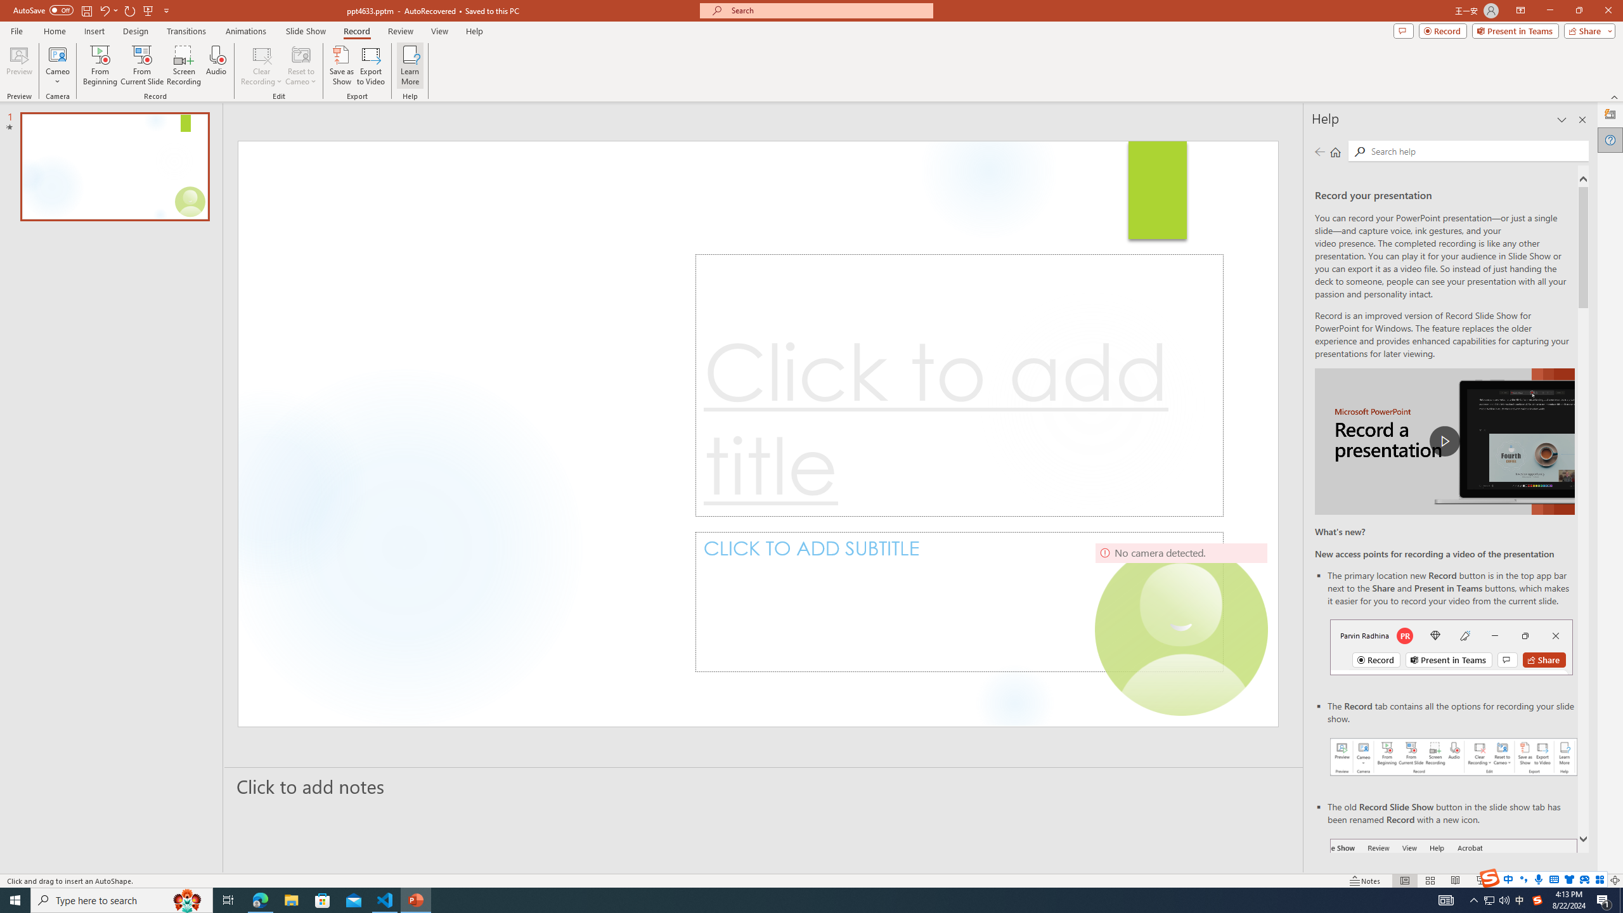 Image resolution: width=1623 pixels, height=913 pixels. I want to click on 'Share', so click(1586, 30).